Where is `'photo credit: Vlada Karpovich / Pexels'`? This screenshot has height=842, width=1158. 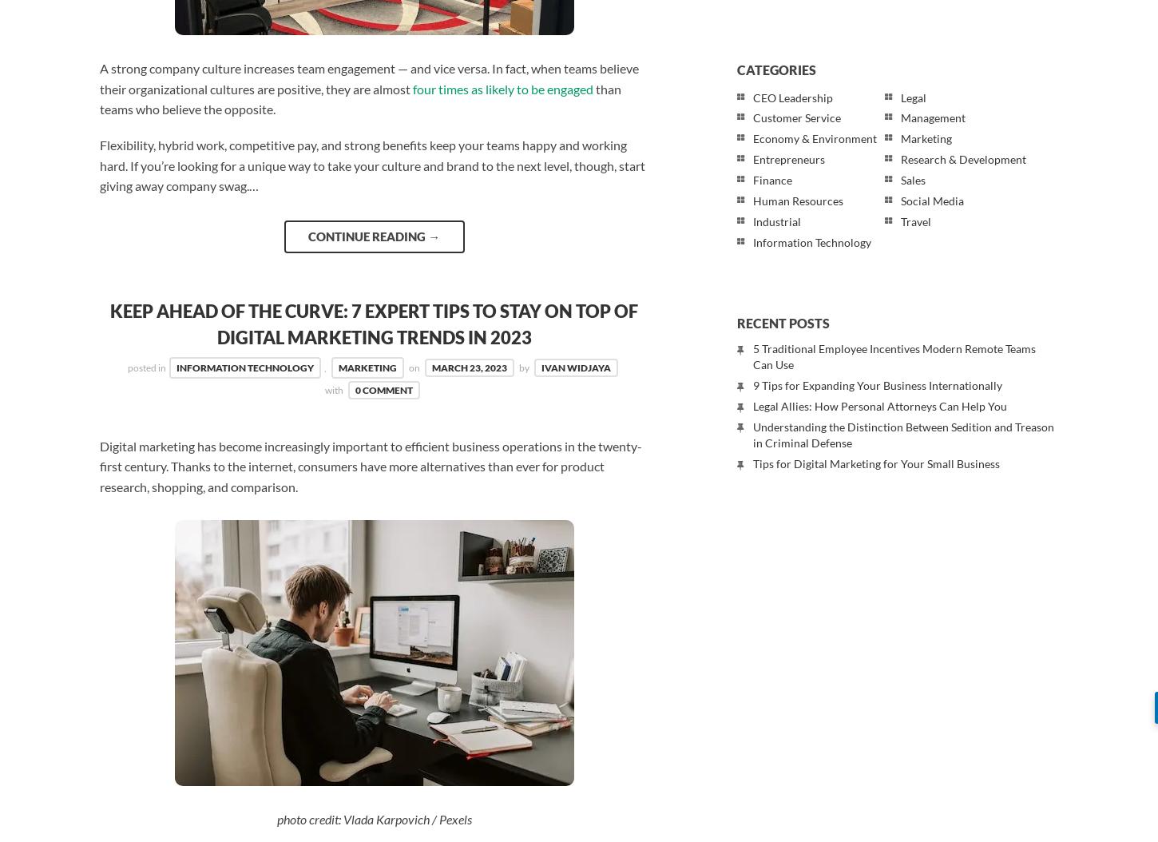 'photo credit: Vlada Karpovich / Pexels' is located at coordinates (373, 817).